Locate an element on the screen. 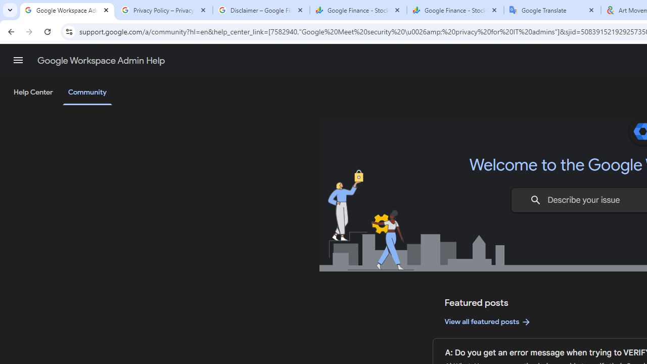  'Community' is located at coordinates (87, 93).